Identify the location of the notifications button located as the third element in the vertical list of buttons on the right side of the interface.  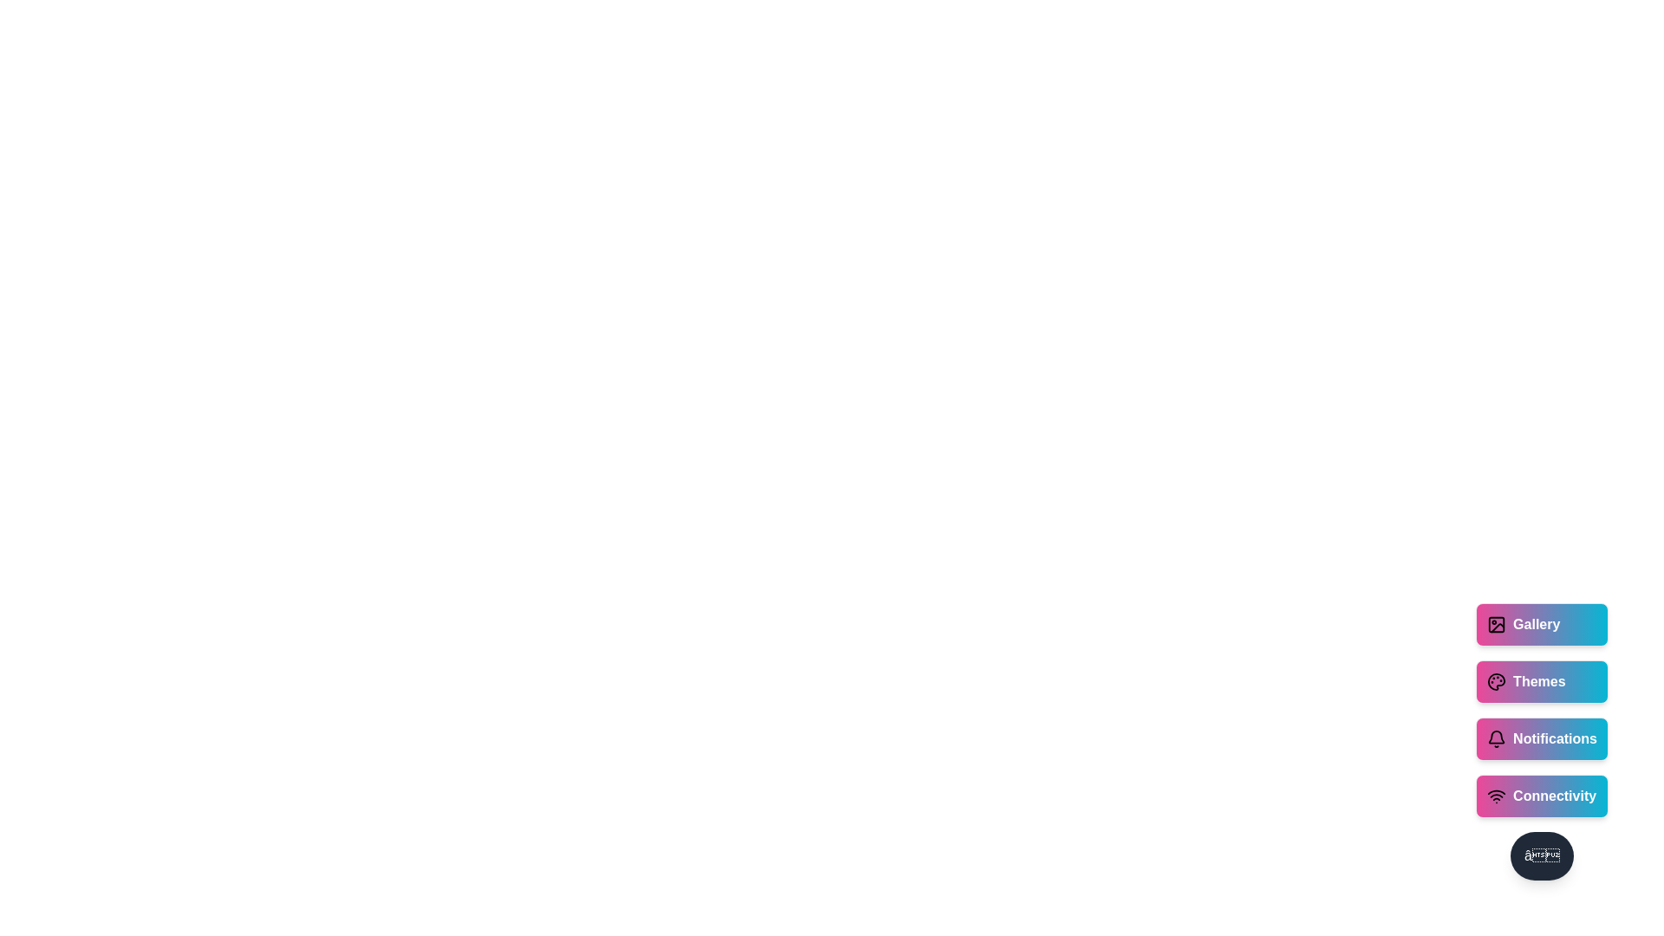
(1542, 738).